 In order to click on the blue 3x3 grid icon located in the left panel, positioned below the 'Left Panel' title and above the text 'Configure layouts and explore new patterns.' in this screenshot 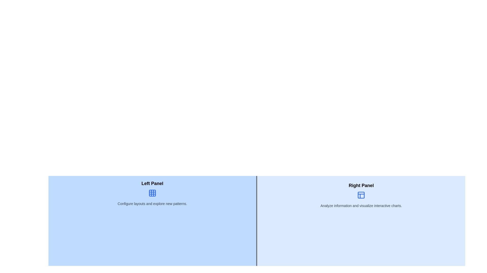, I will do `click(152, 193)`.